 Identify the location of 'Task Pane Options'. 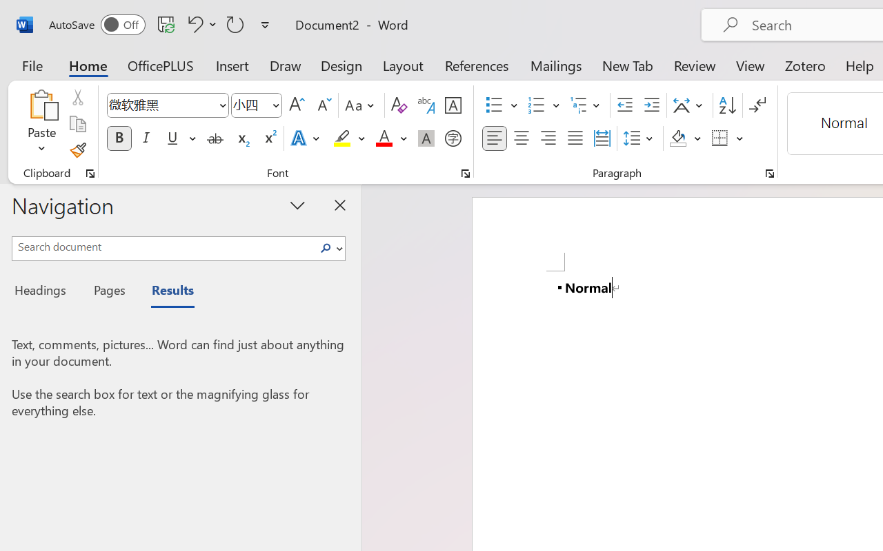
(297, 205).